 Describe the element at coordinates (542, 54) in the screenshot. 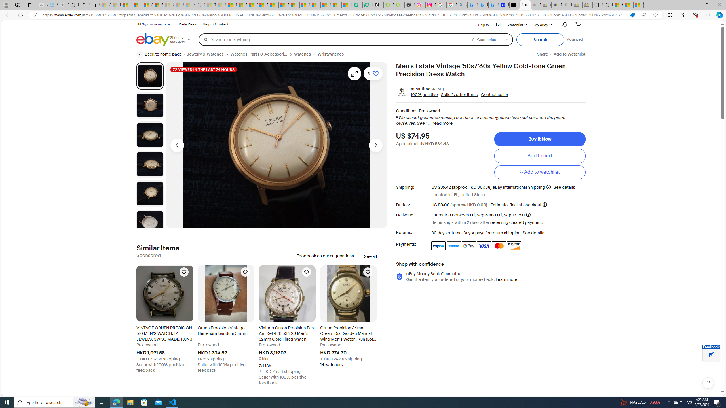

I see `'Share'` at that location.